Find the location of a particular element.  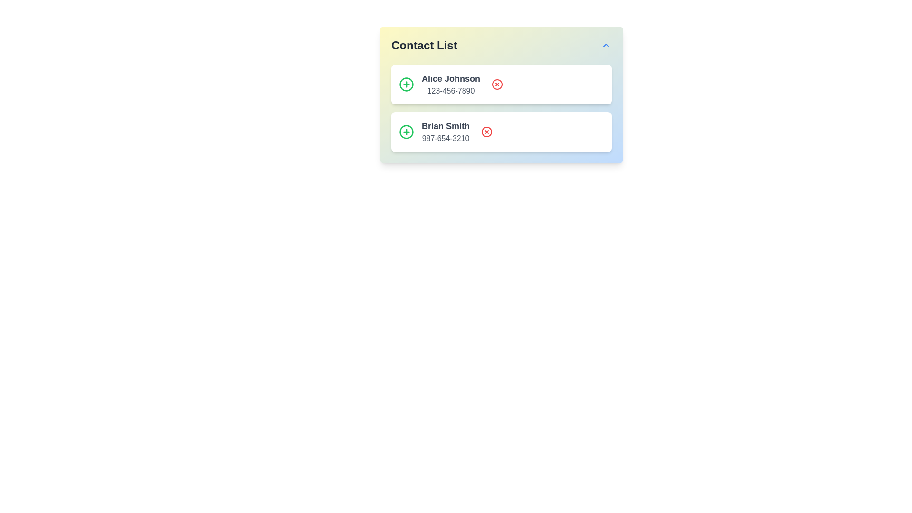

the circular green-bordered button with a '+' symbol located next to 'Brian Smith' in the contact list is located at coordinates (406, 132).